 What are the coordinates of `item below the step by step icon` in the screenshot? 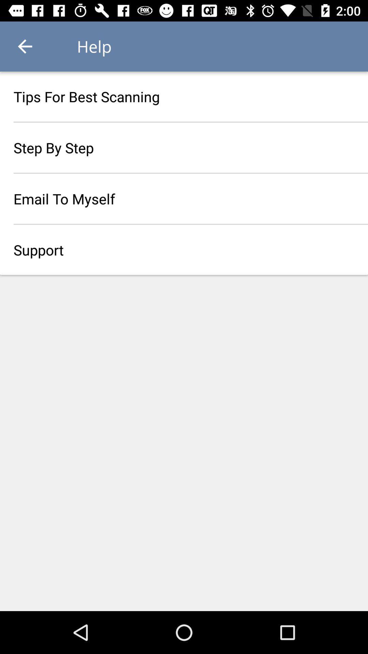 It's located at (184, 198).